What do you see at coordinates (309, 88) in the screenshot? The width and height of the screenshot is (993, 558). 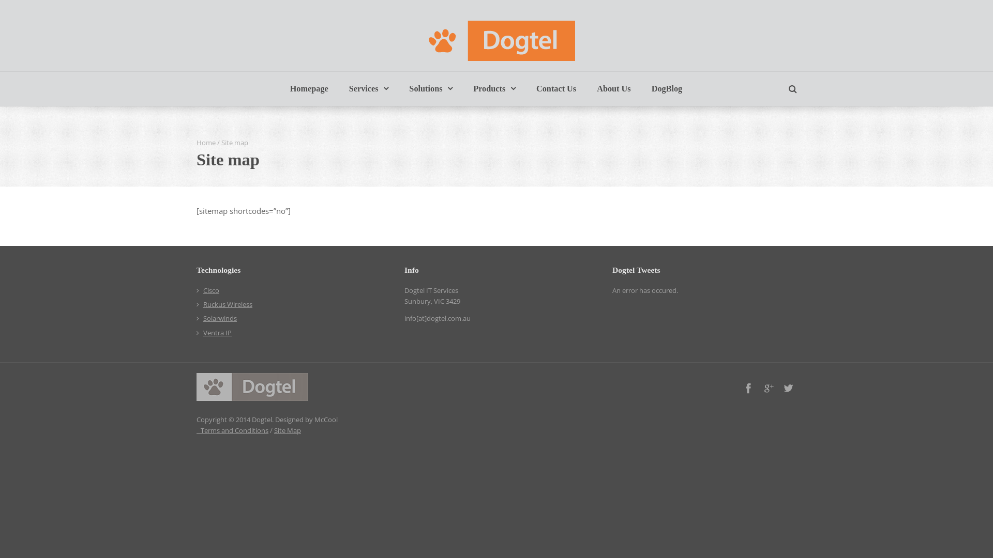 I see `'Homepage'` at bounding box center [309, 88].